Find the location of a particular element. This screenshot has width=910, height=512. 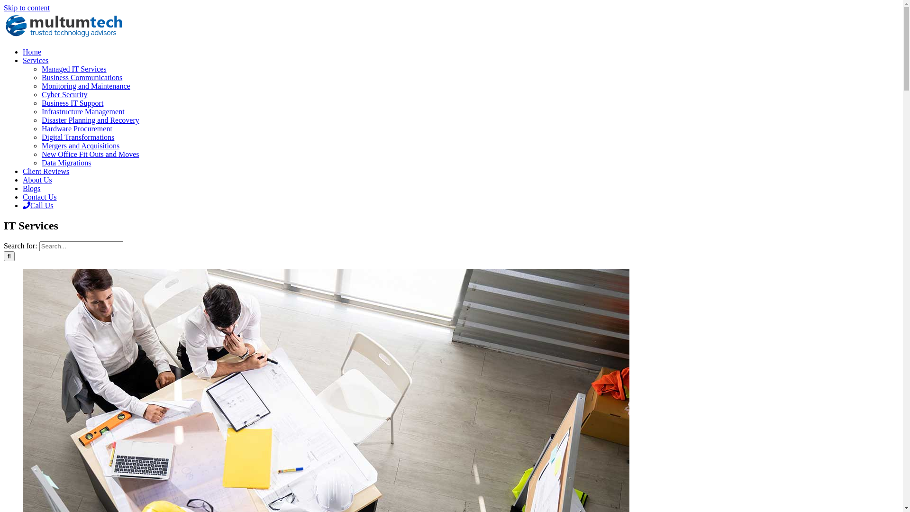

'Data Migrations' is located at coordinates (65, 162).